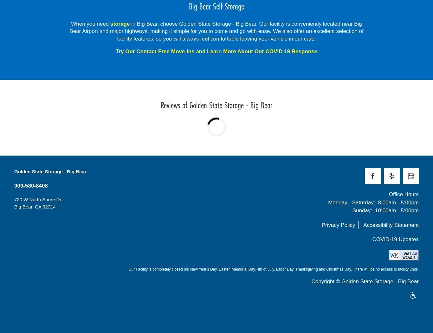 The width and height of the screenshot is (433, 333). What do you see at coordinates (397, 210) in the screenshot?
I see `'10:00am - 5:00pm'` at bounding box center [397, 210].